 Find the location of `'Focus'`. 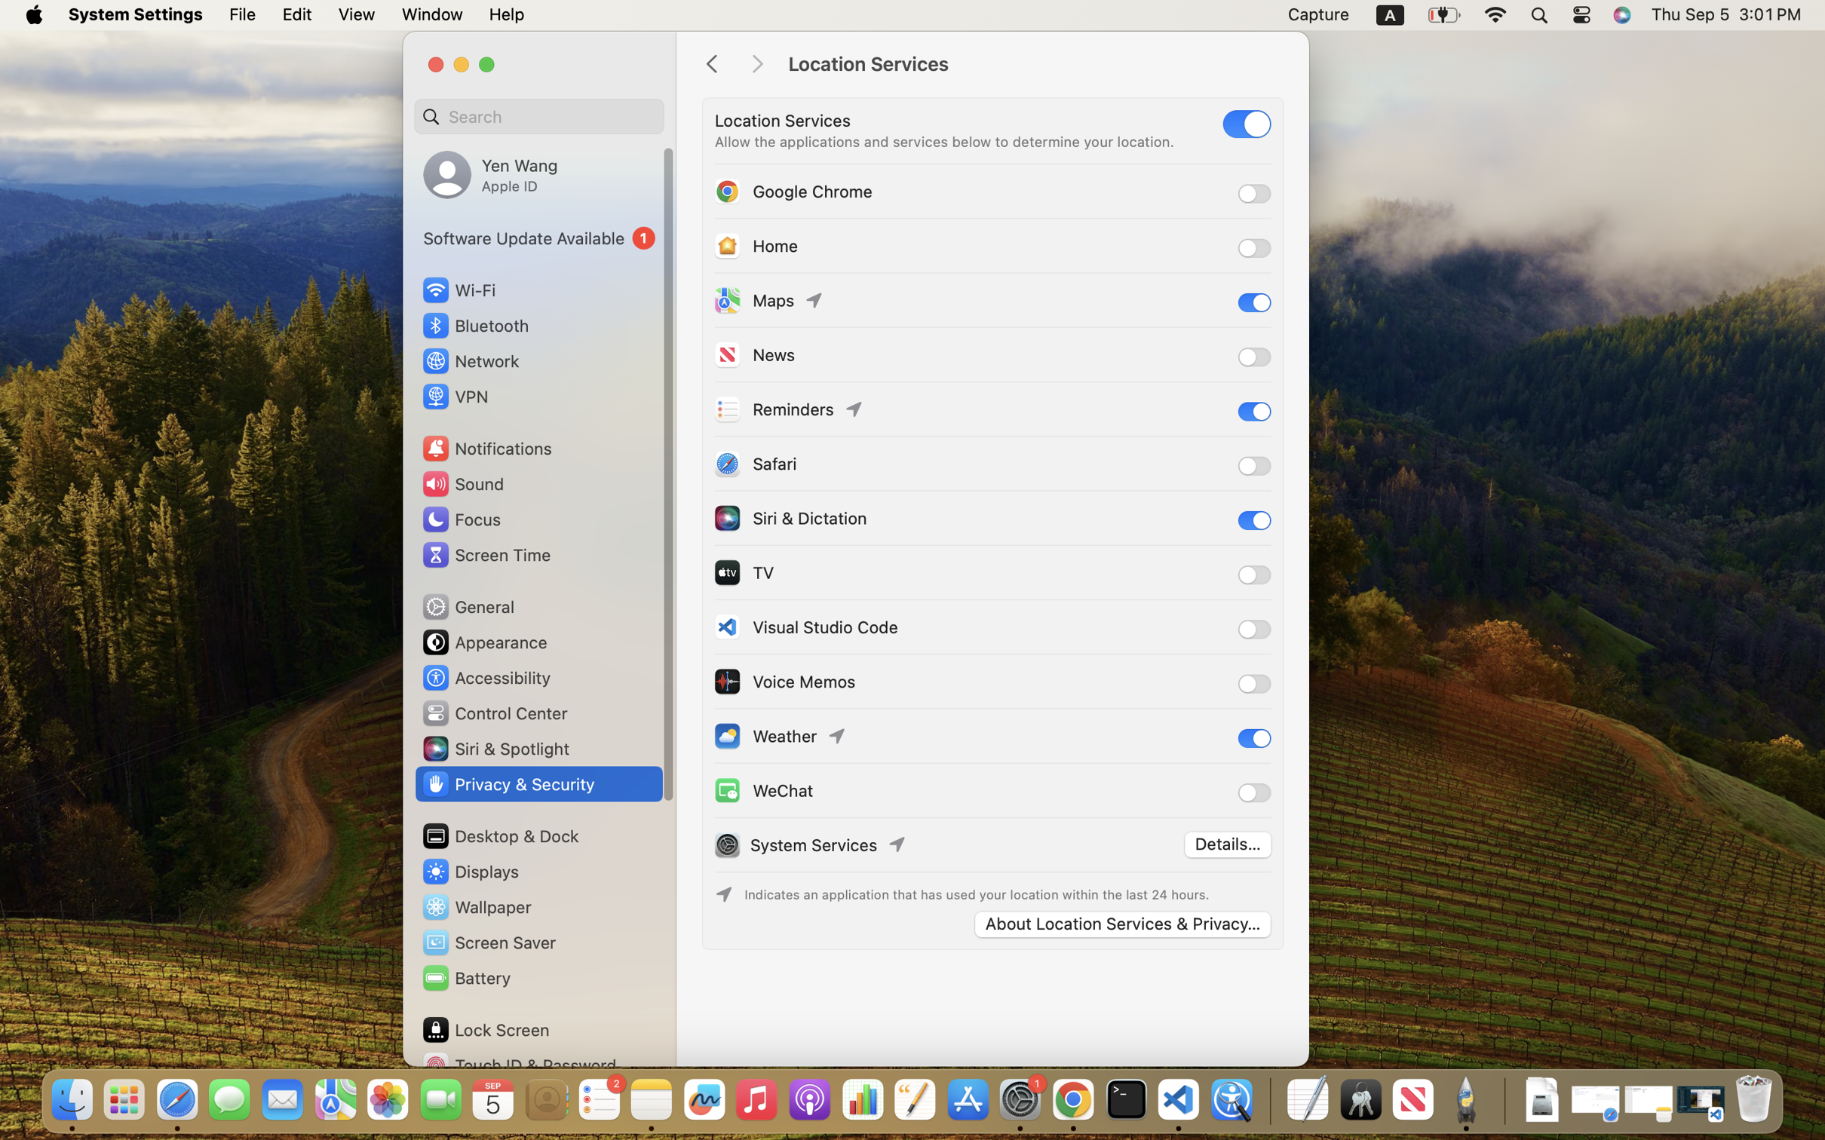

'Focus' is located at coordinates (459, 518).